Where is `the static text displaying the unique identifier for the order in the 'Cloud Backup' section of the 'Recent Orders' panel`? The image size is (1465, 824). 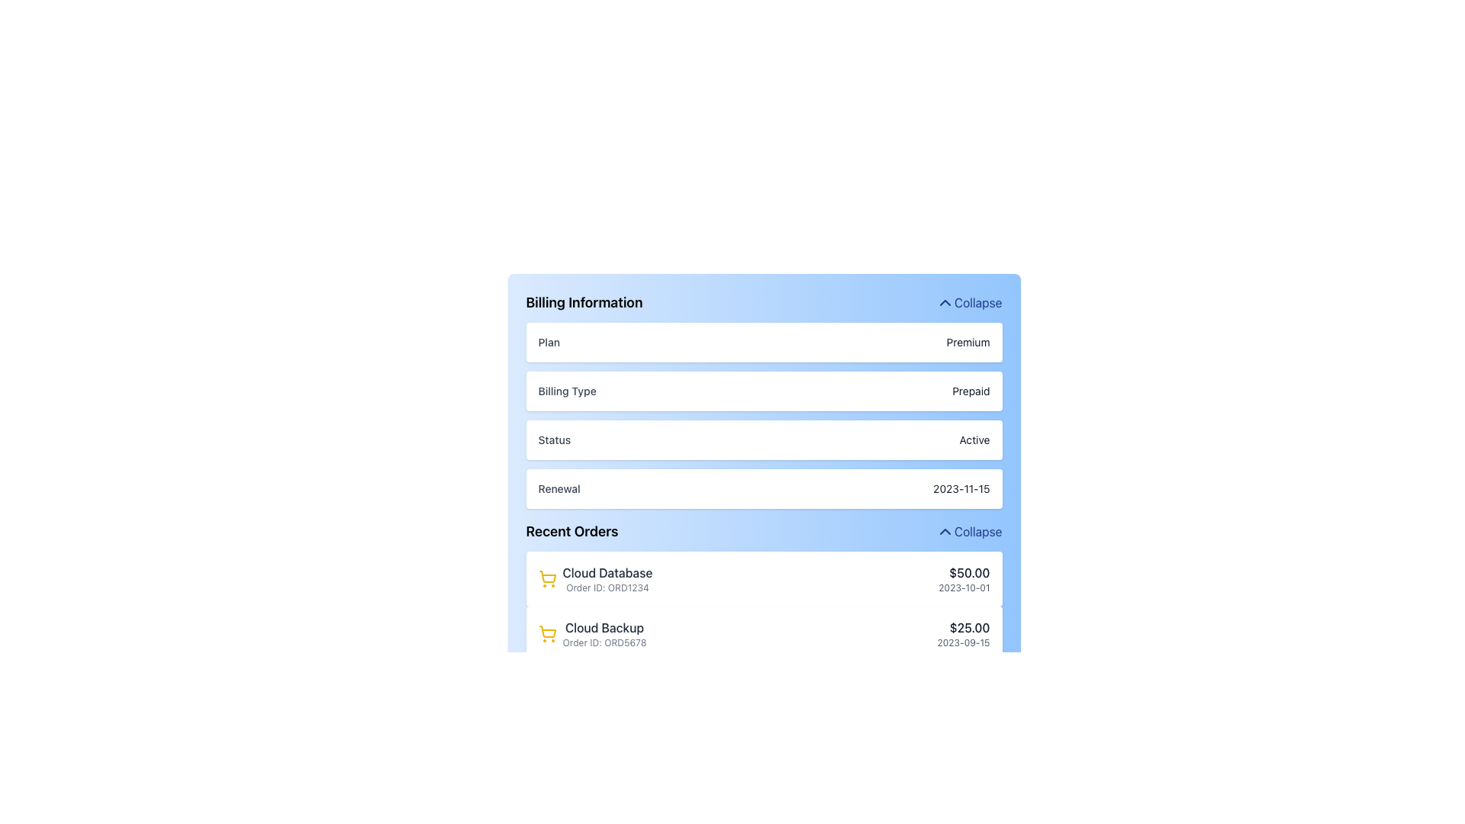
the static text displaying the unique identifier for the order in the 'Cloud Backup' section of the 'Recent Orders' panel is located at coordinates (604, 643).